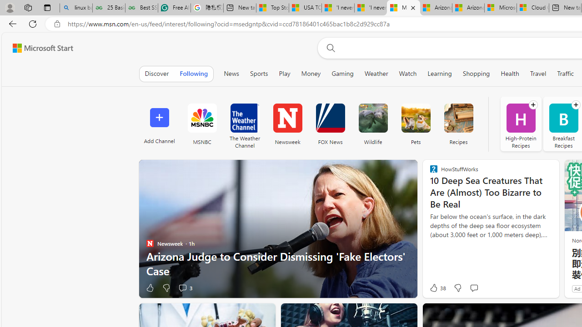 The height and width of the screenshot is (327, 582). What do you see at coordinates (500, 8) in the screenshot?
I see `'Microsoft Services Agreement'` at bounding box center [500, 8].